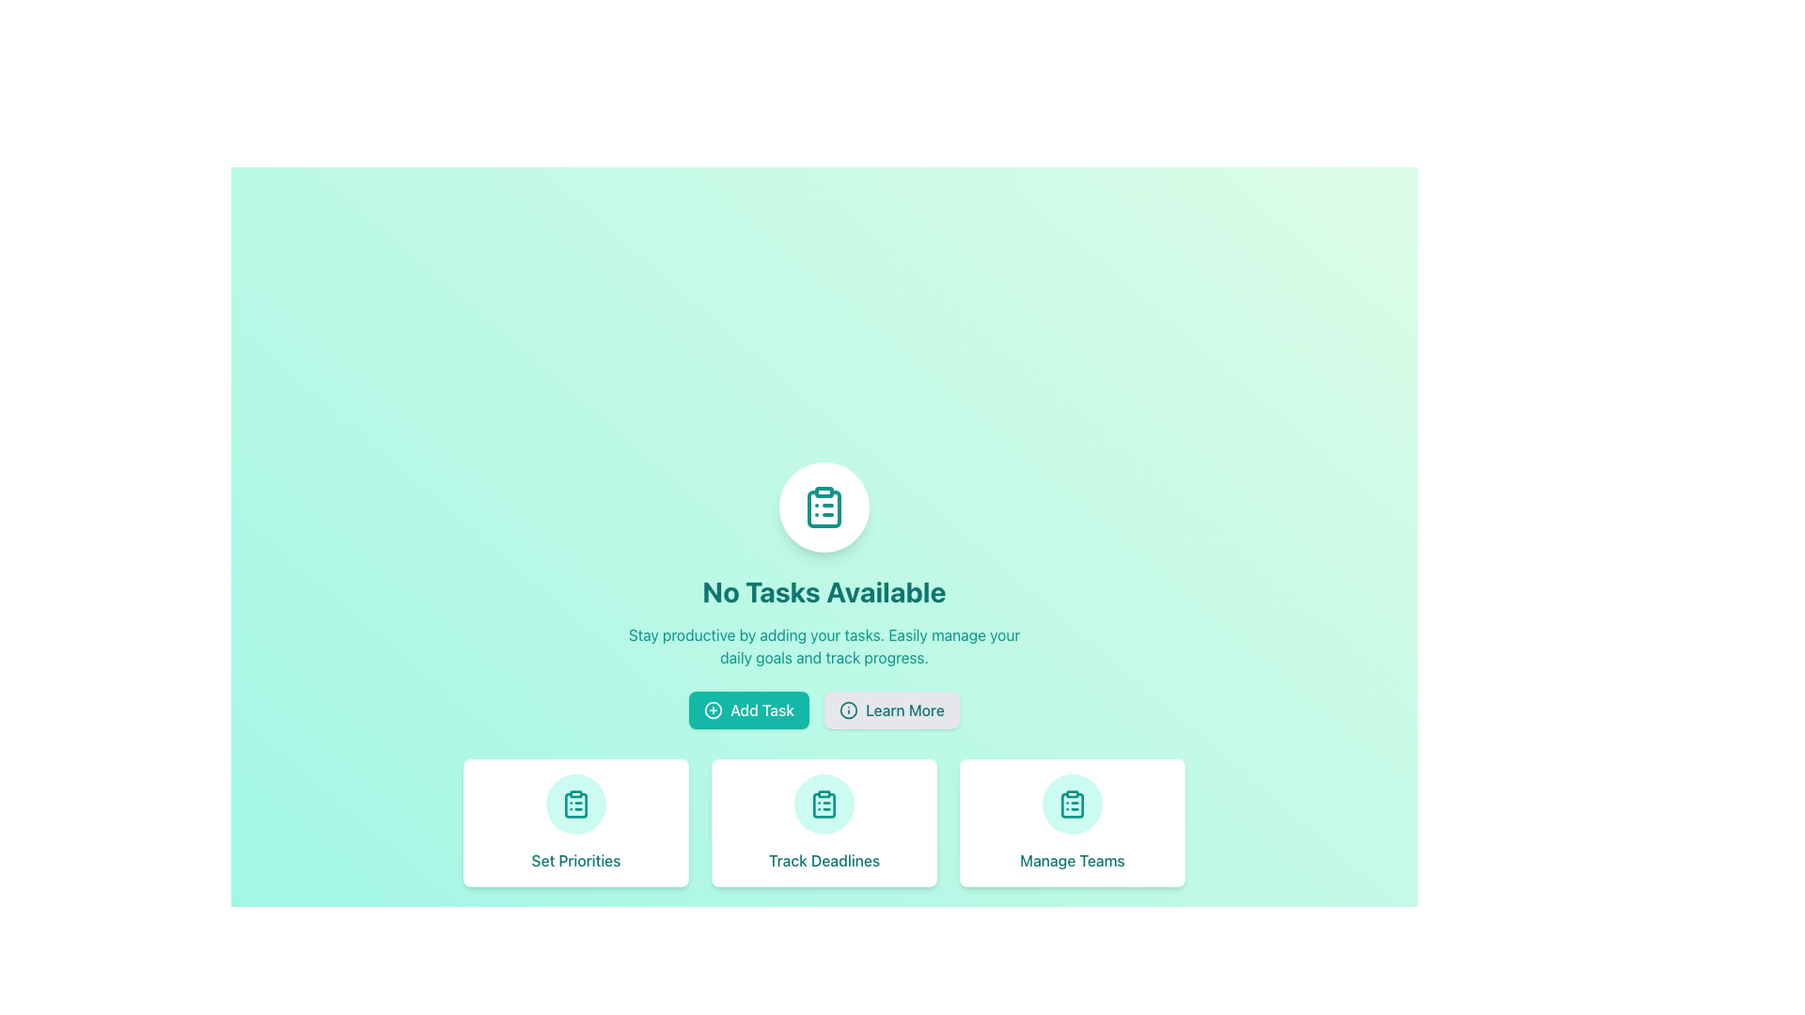 The height and width of the screenshot is (1015, 1805). What do you see at coordinates (1073, 860) in the screenshot?
I see `the 'Manage Teams' text label, which is displayed in teal-colored font within a white card, located at the bottom-right corner of the interface, below a clipboard icon` at bounding box center [1073, 860].